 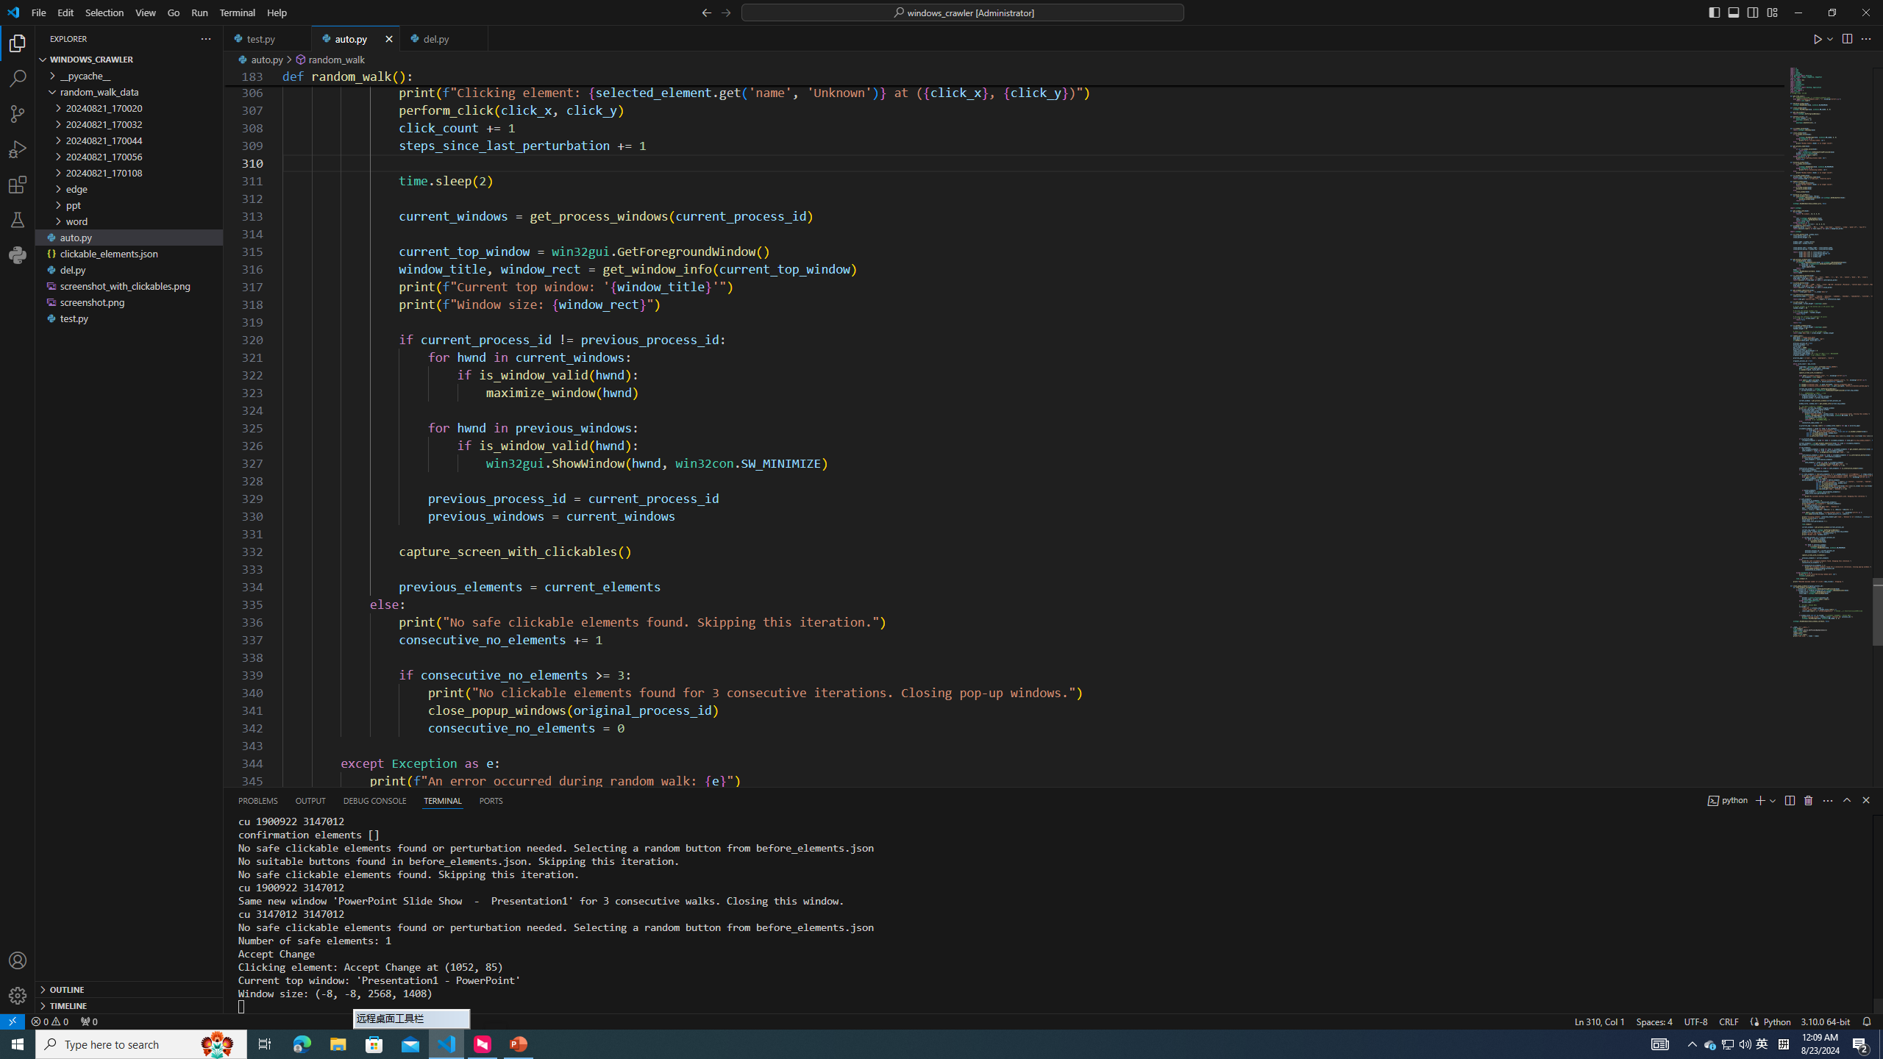 What do you see at coordinates (1733, 11) in the screenshot?
I see `'Toggle Panel (Ctrl+J)'` at bounding box center [1733, 11].